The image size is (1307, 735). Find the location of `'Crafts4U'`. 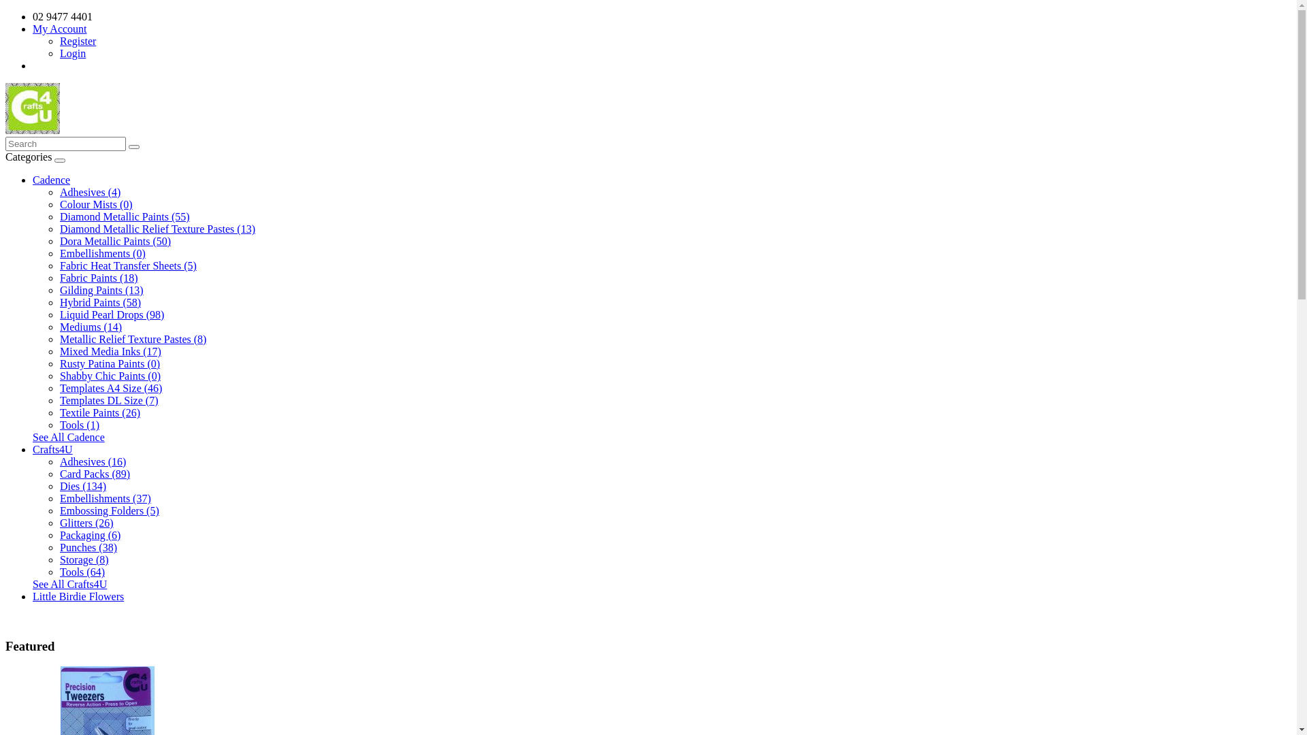

'Crafts4U' is located at coordinates (52, 449).